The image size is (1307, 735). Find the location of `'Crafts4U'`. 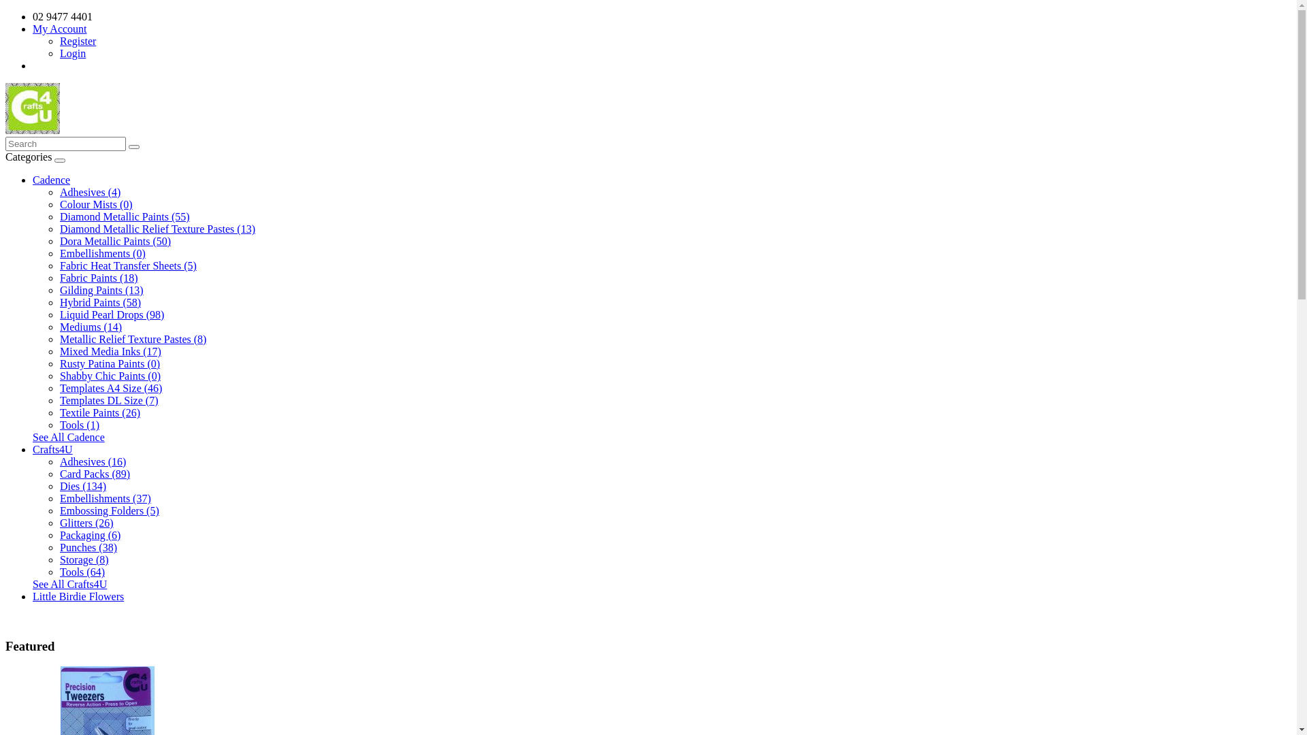

'Crafts4U' is located at coordinates (52, 449).